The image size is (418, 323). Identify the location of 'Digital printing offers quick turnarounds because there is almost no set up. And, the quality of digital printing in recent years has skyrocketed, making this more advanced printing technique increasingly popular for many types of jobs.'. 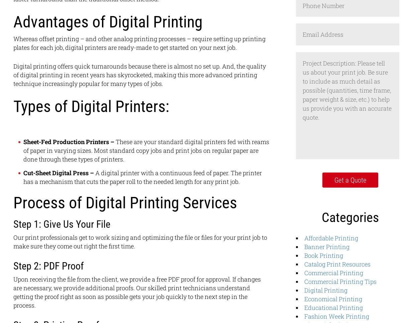
(139, 74).